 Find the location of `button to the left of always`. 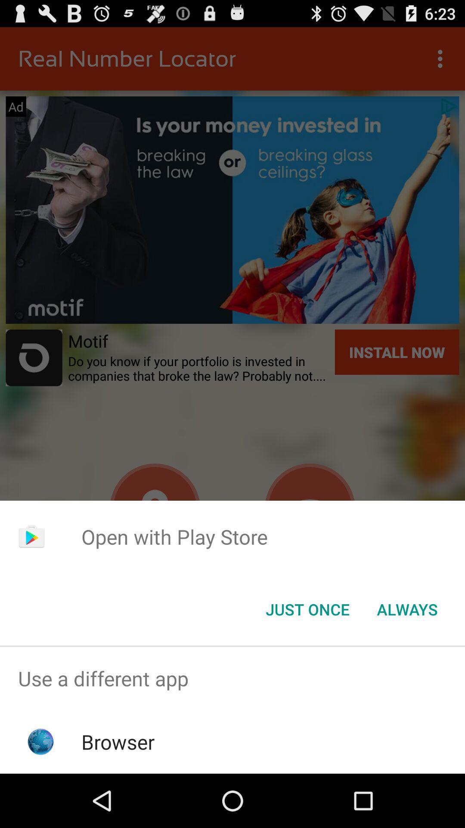

button to the left of always is located at coordinates (307, 608).